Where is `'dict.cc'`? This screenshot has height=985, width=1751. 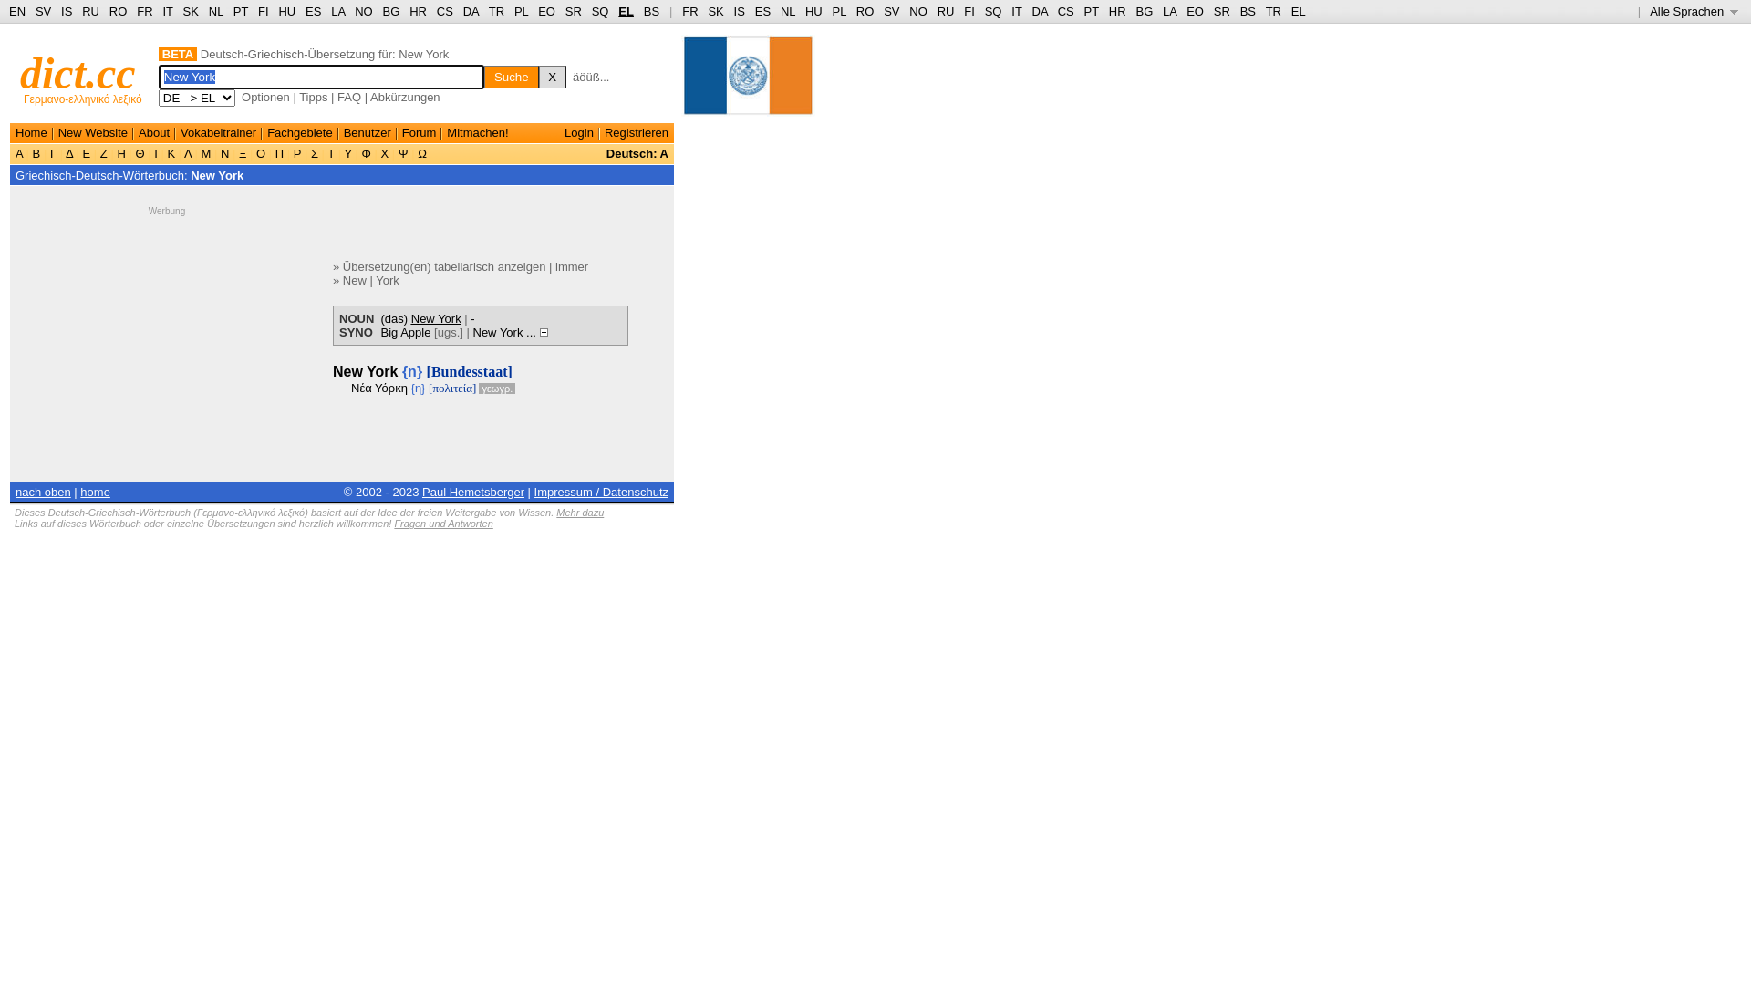
'dict.cc' is located at coordinates (77, 72).